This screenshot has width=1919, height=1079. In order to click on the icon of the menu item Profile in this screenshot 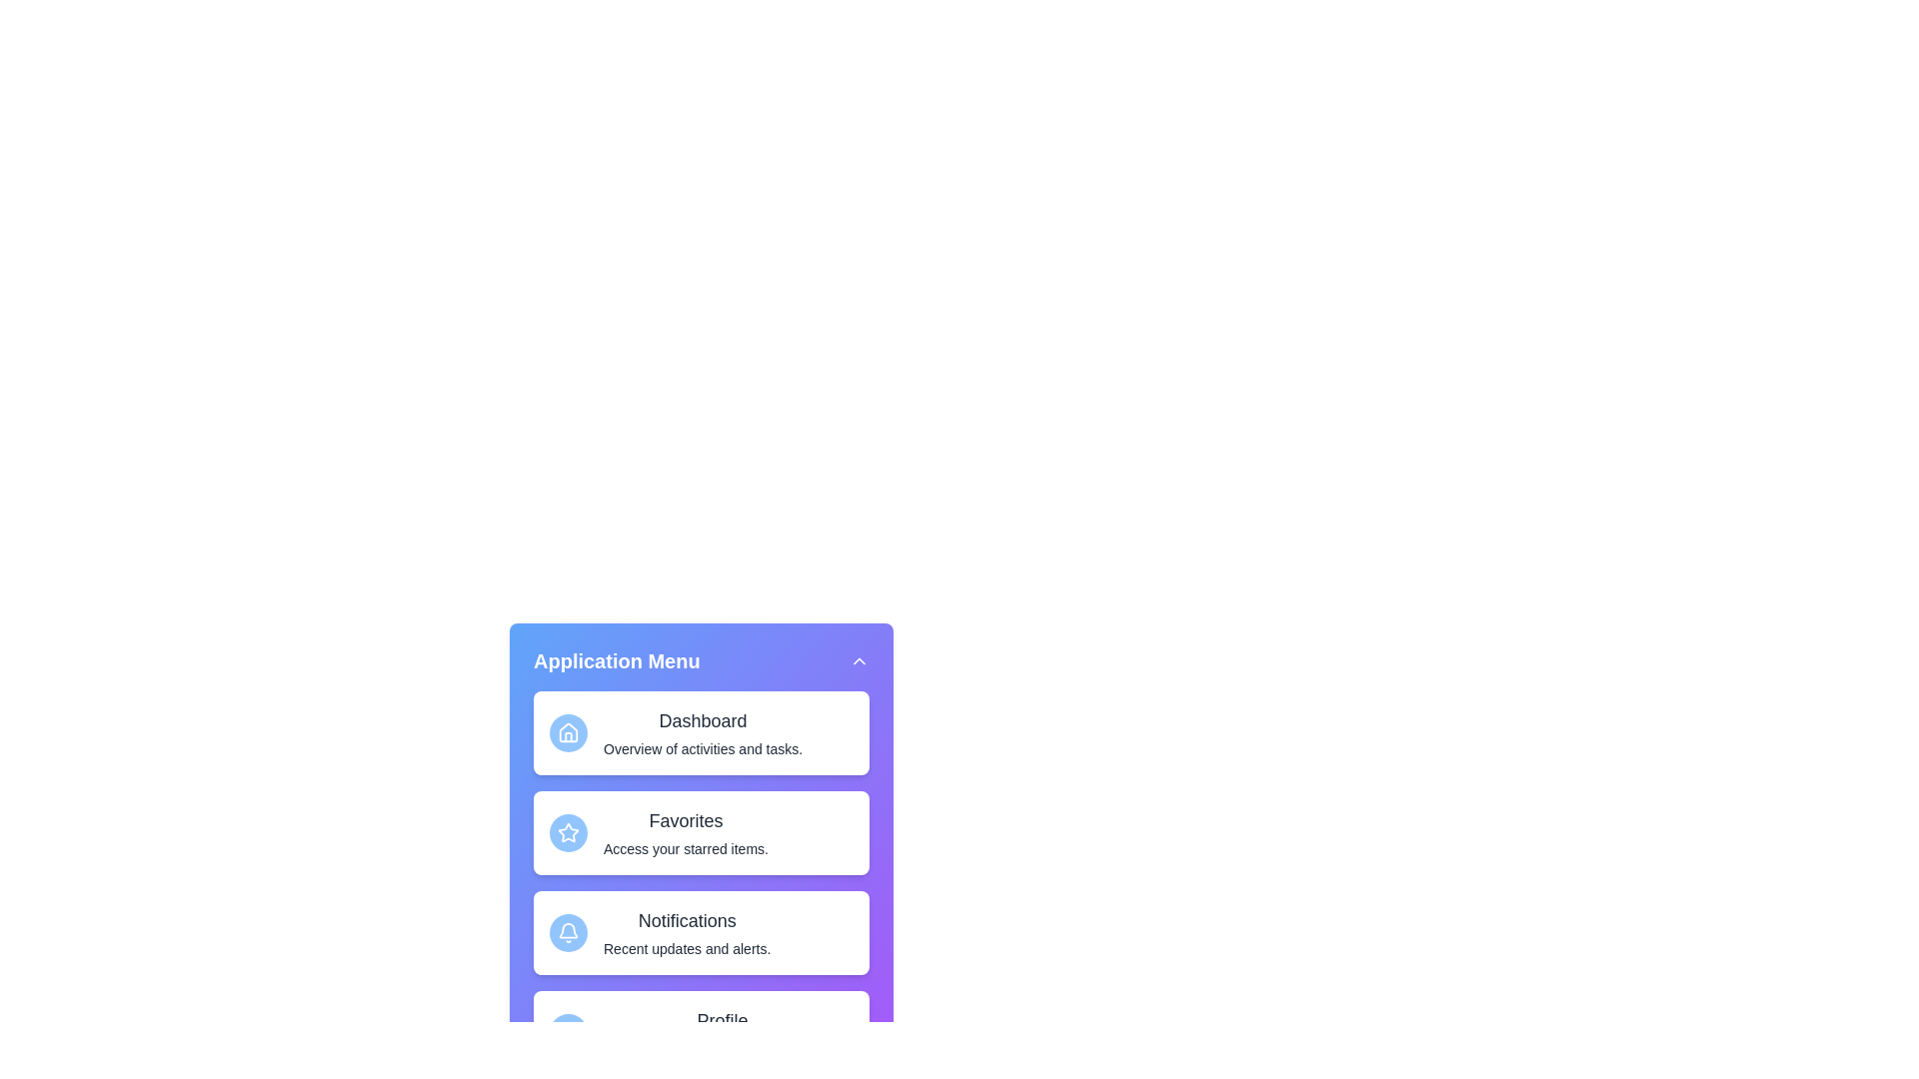, I will do `click(568, 1032)`.